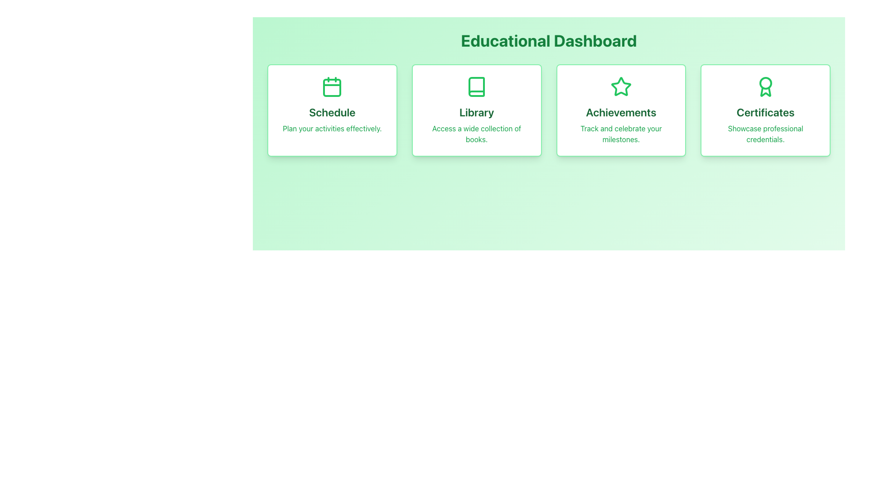  I want to click on the decorative Icon element within the award icon in the 'Certificates' section on the dashboard, located on the far right of the row of four cards, so click(765, 91).